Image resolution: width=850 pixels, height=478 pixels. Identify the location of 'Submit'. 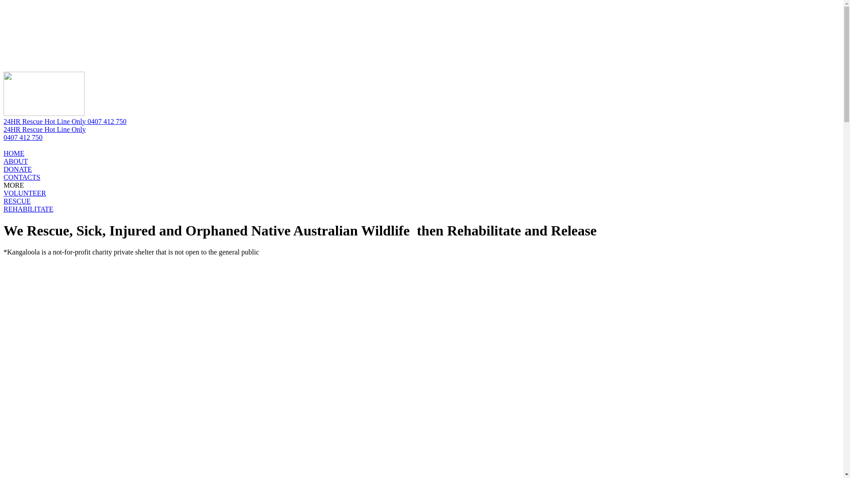
(82, 51).